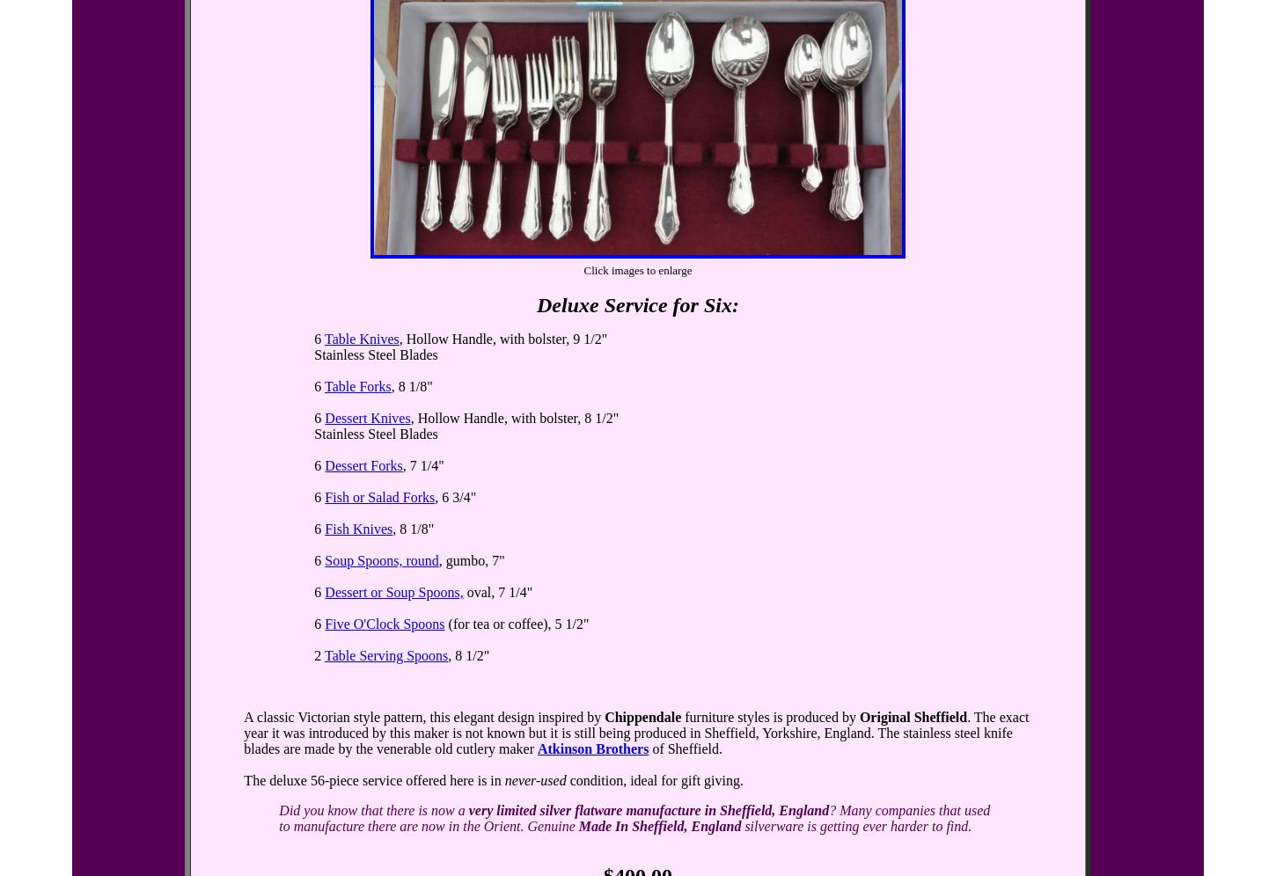 This screenshot has width=1276, height=876. Describe the element at coordinates (649, 748) in the screenshot. I see `'of Sheffield.'` at that location.